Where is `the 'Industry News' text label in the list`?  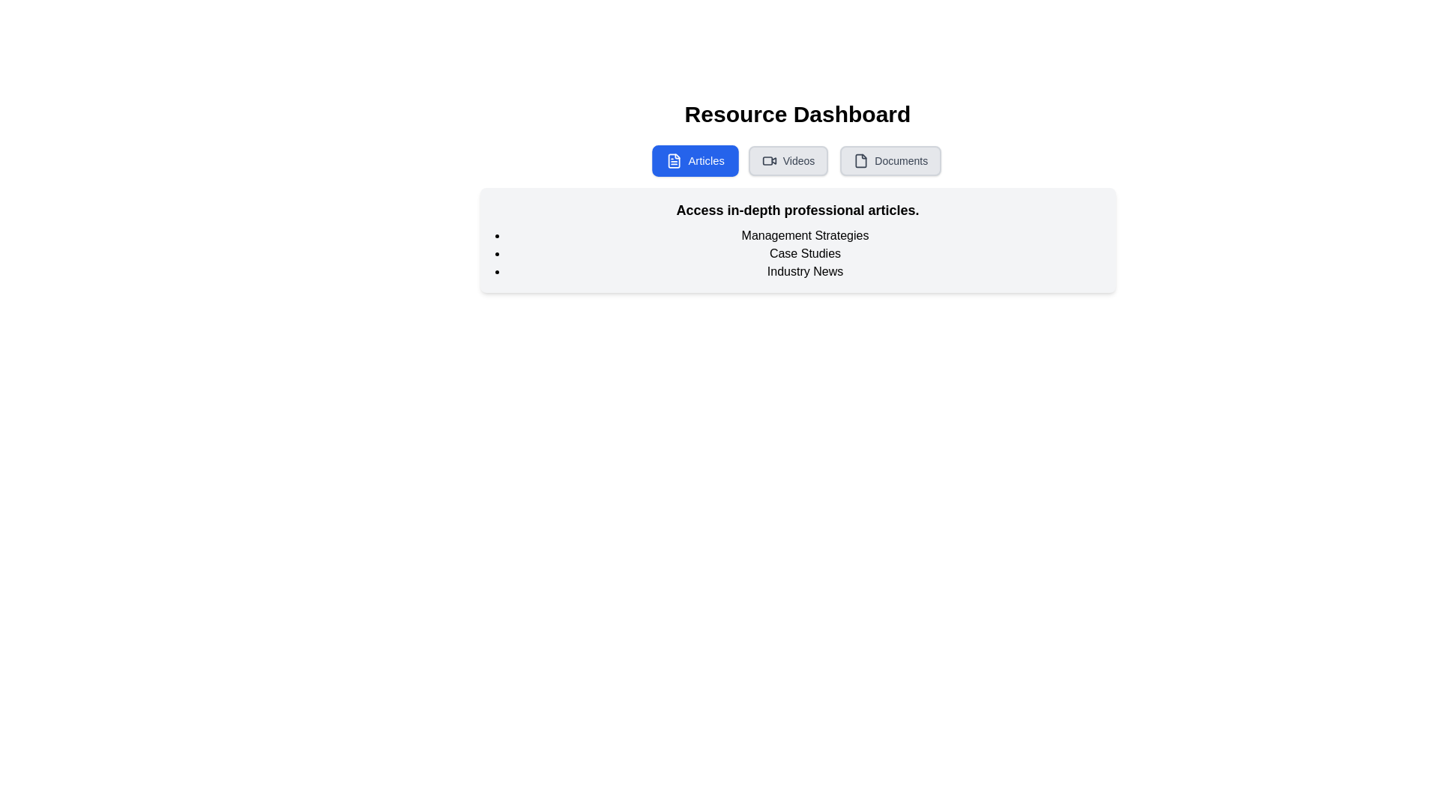 the 'Industry News' text label in the list is located at coordinates (804, 271).